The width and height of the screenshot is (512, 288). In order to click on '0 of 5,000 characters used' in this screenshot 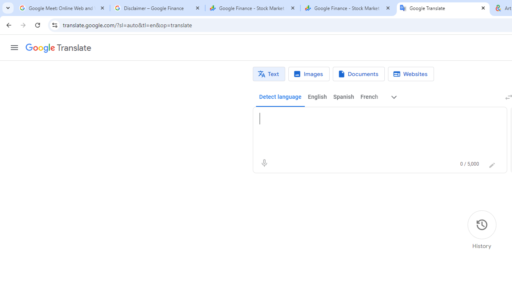, I will do `click(469, 164)`.